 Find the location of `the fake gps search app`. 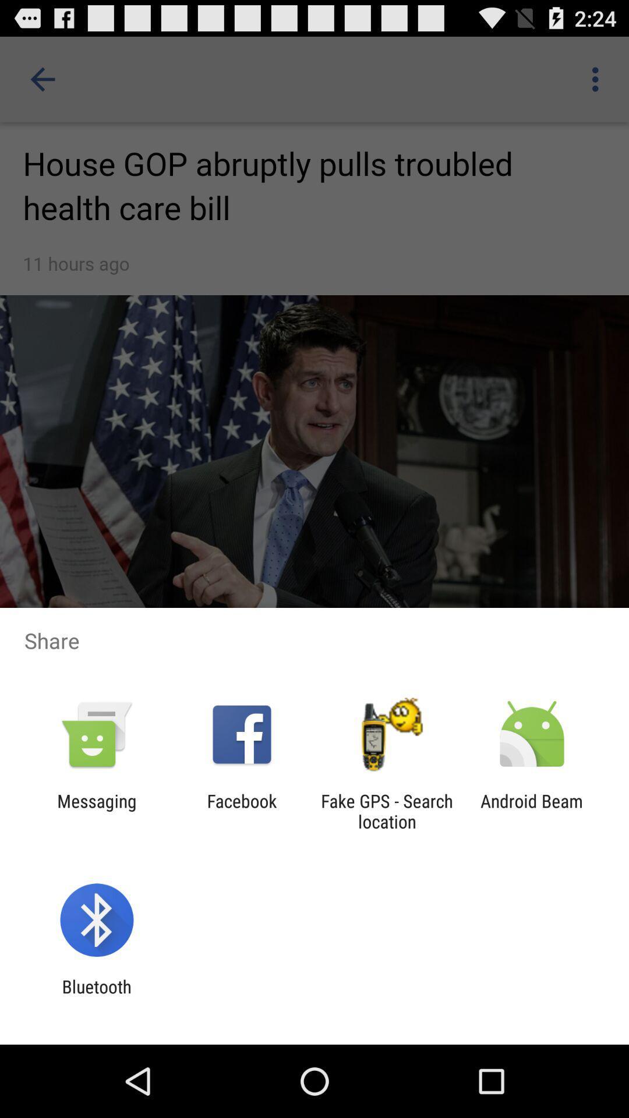

the fake gps search app is located at coordinates (387, 811).